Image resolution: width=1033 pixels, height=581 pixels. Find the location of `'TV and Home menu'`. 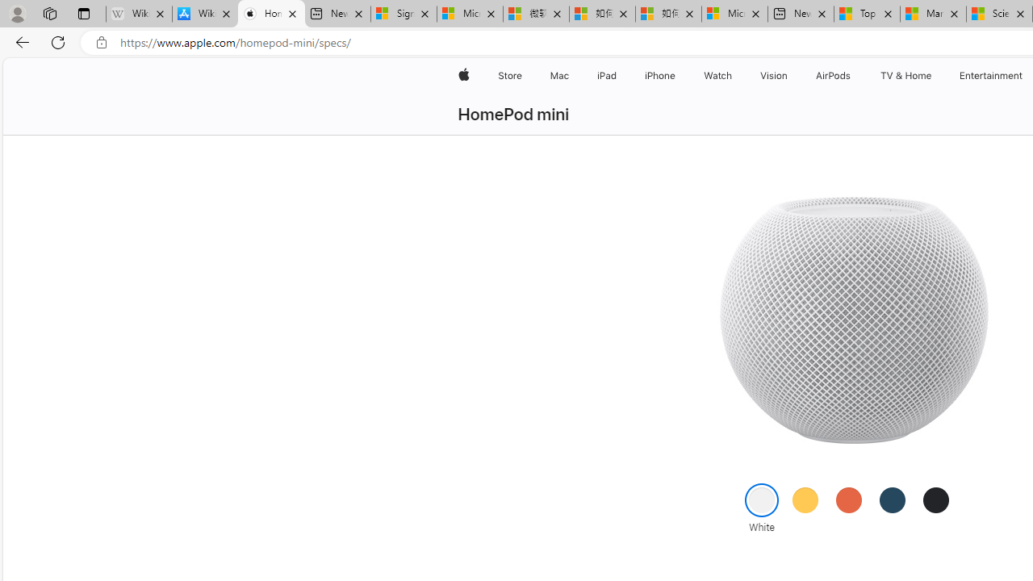

'TV and Home menu' is located at coordinates (935, 75).